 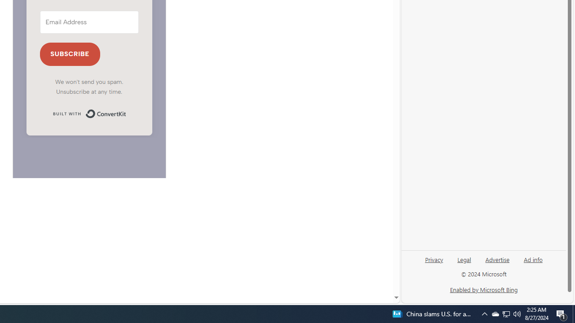 What do you see at coordinates (464, 262) in the screenshot?
I see `'Legal'` at bounding box center [464, 262].